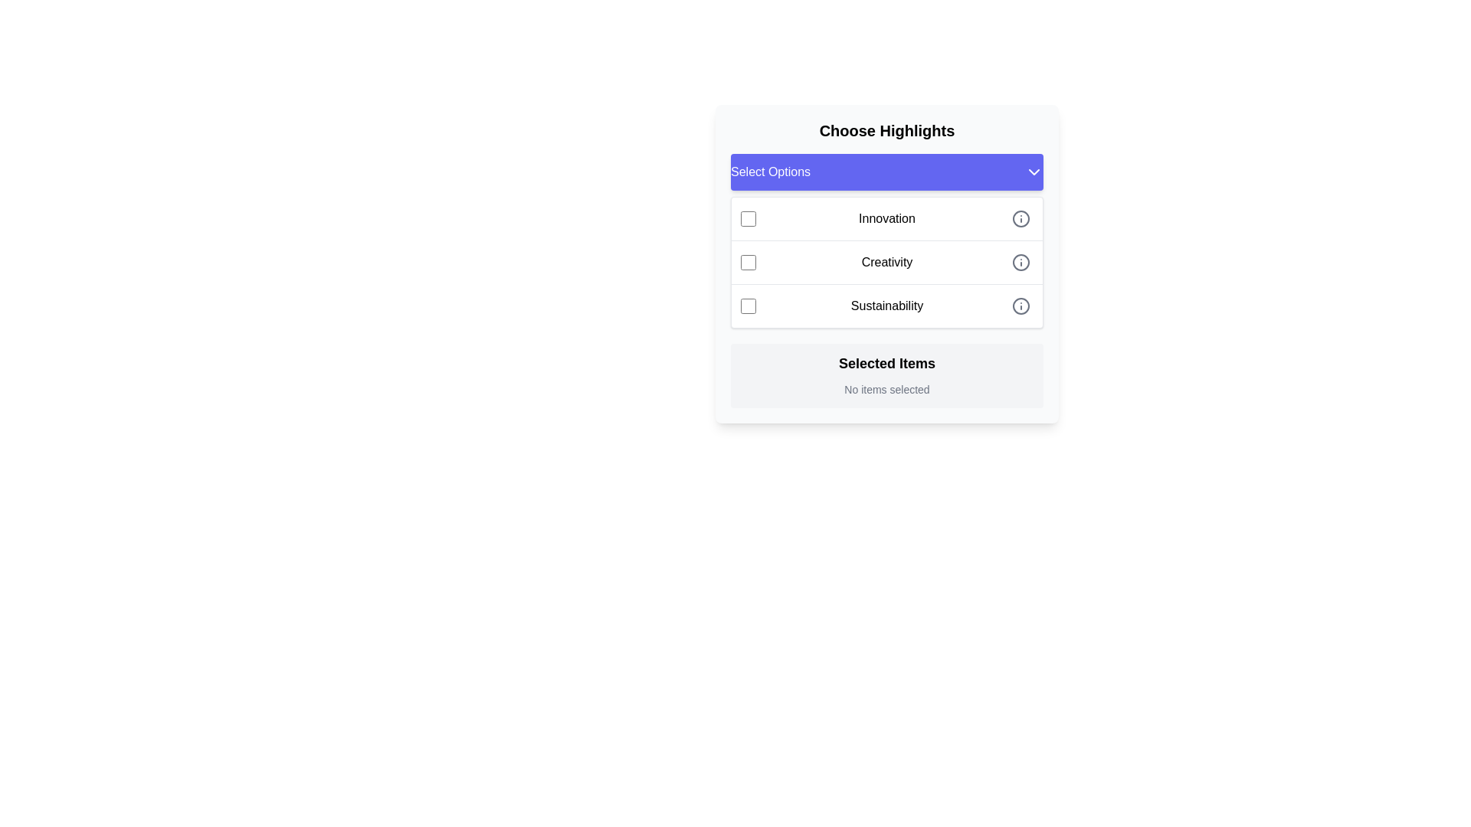  I want to click on the 'Sustainability' checkbox located, so click(749, 306).